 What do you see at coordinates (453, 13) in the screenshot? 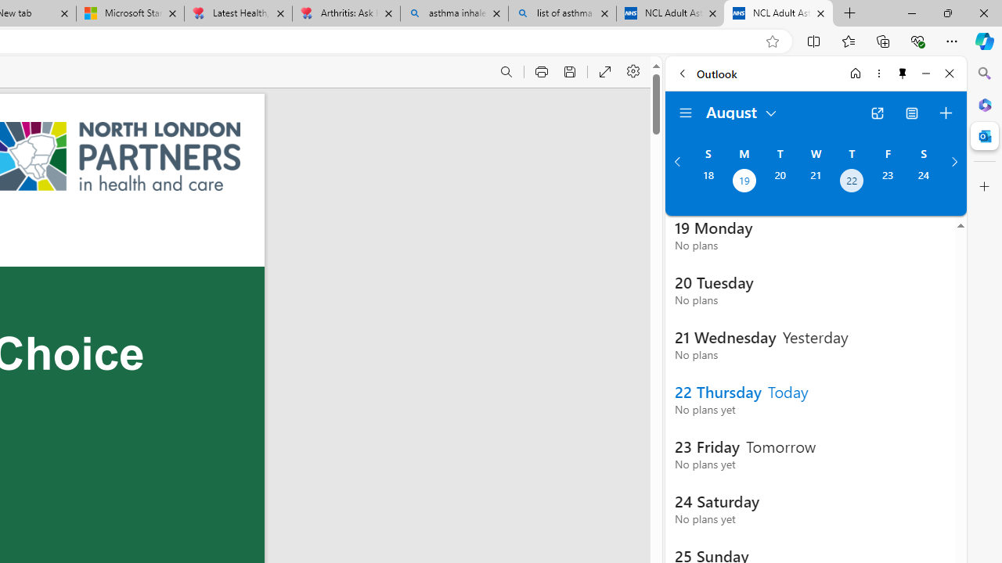
I see `'asthma inhaler - Search'` at bounding box center [453, 13].